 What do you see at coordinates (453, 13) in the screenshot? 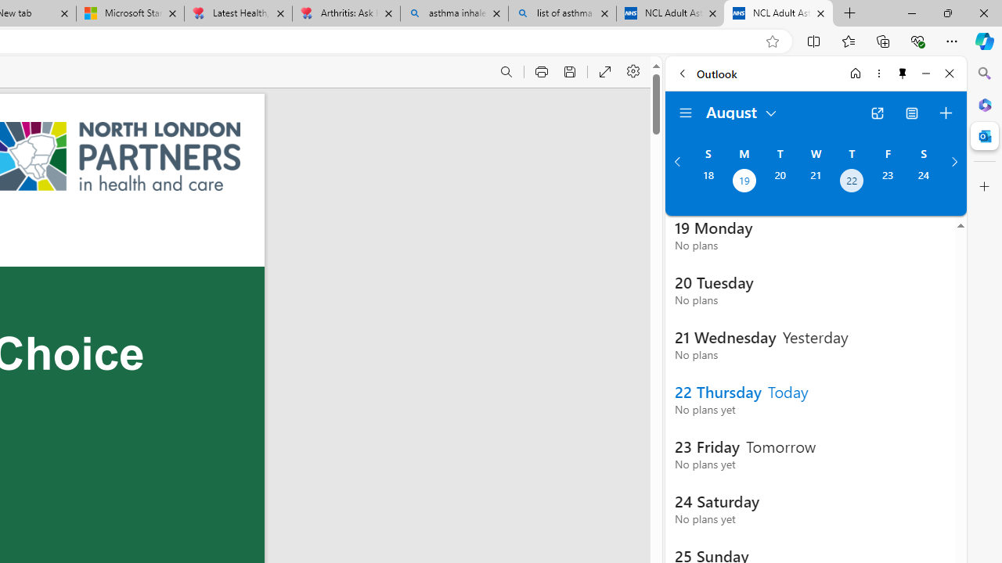
I see `'asthma inhaler - Search'` at bounding box center [453, 13].